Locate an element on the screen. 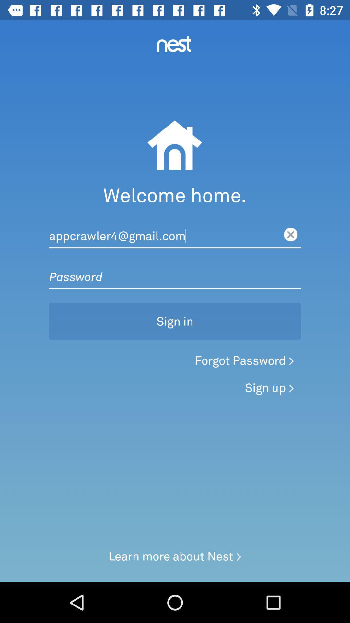 Image resolution: width=350 pixels, height=623 pixels. cross icon in first text field is located at coordinates (290, 234).